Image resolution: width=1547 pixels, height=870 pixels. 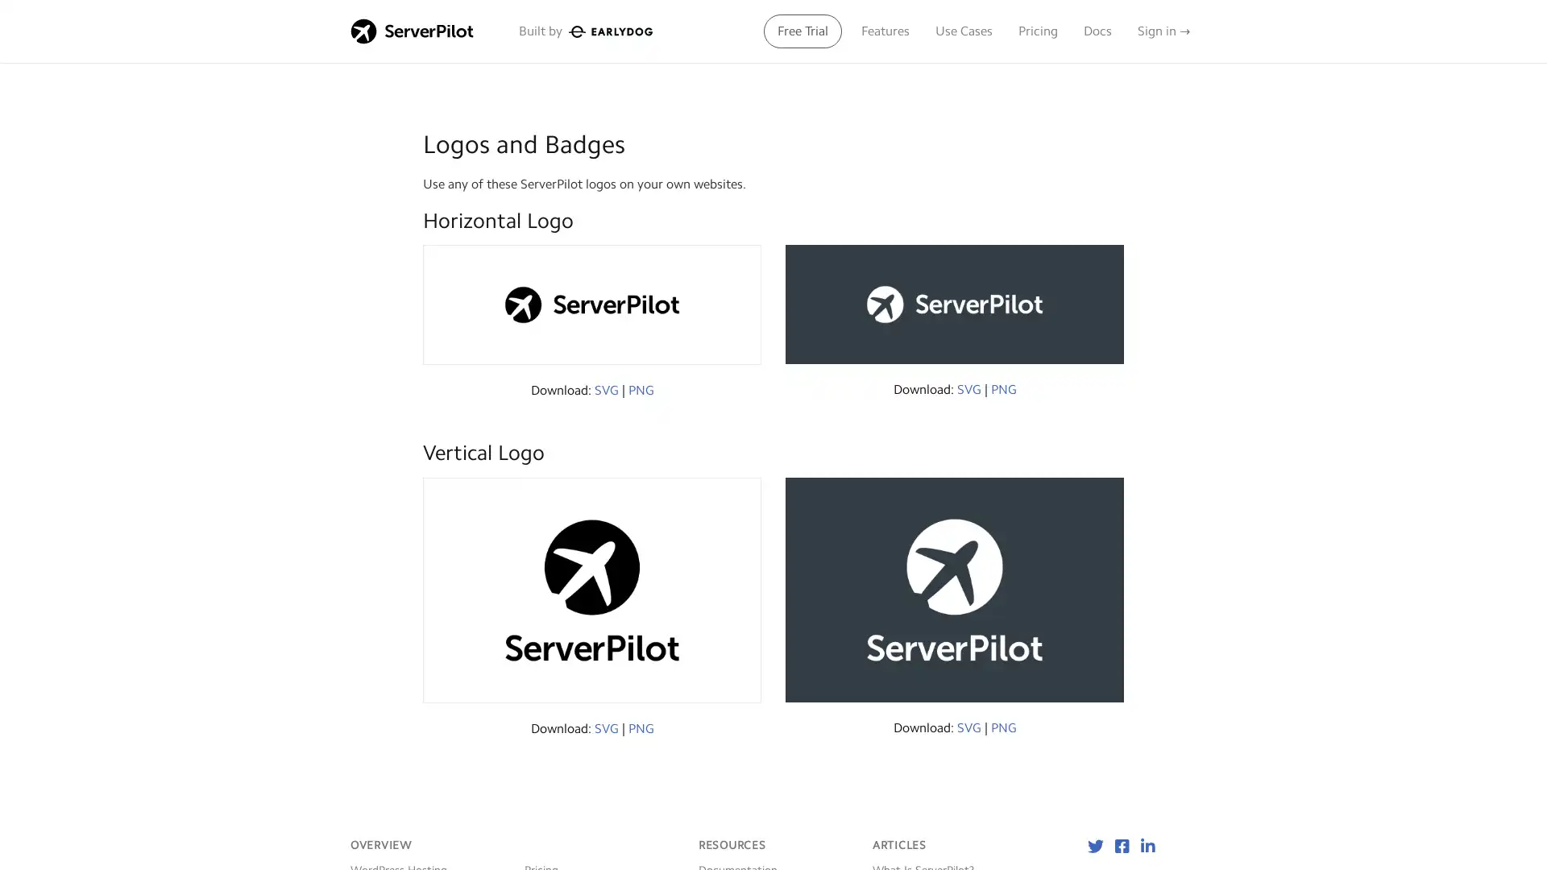 What do you see at coordinates (1163, 31) in the screenshot?
I see `Sign in` at bounding box center [1163, 31].